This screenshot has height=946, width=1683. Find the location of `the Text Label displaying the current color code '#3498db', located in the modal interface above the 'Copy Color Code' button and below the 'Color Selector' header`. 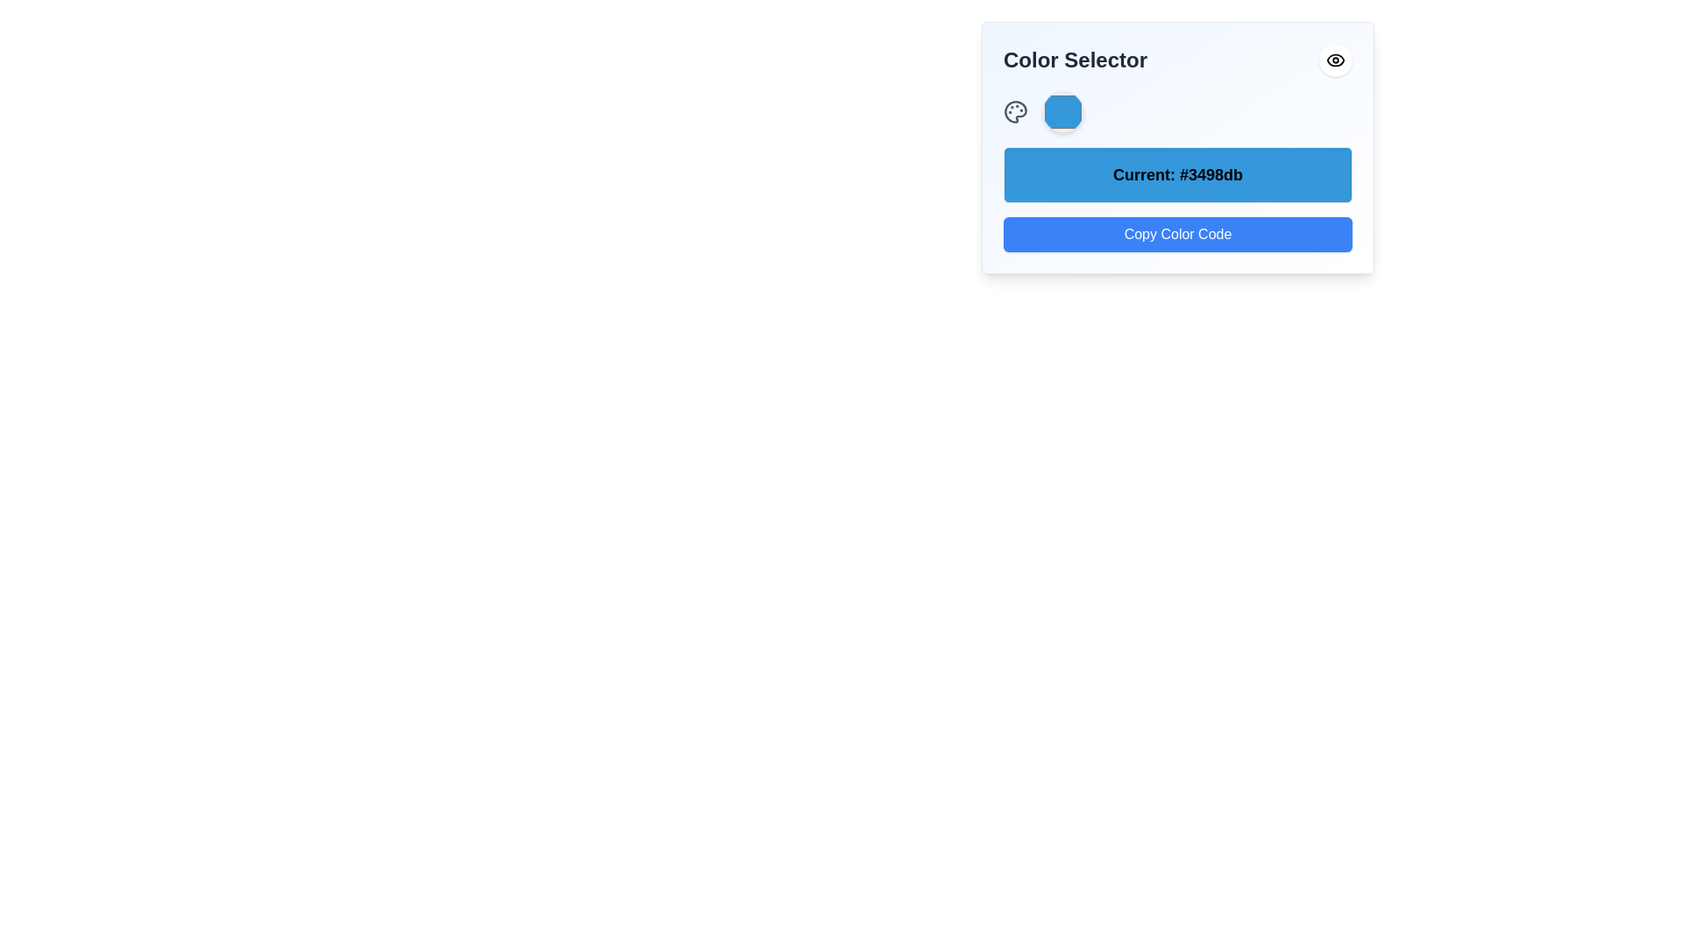

the Text Label displaying the current color code '#3498db', located in the modal interface above the 'Copy Color Code' button and below the 'Color Selector' header is located at coordinates (1178, 175).